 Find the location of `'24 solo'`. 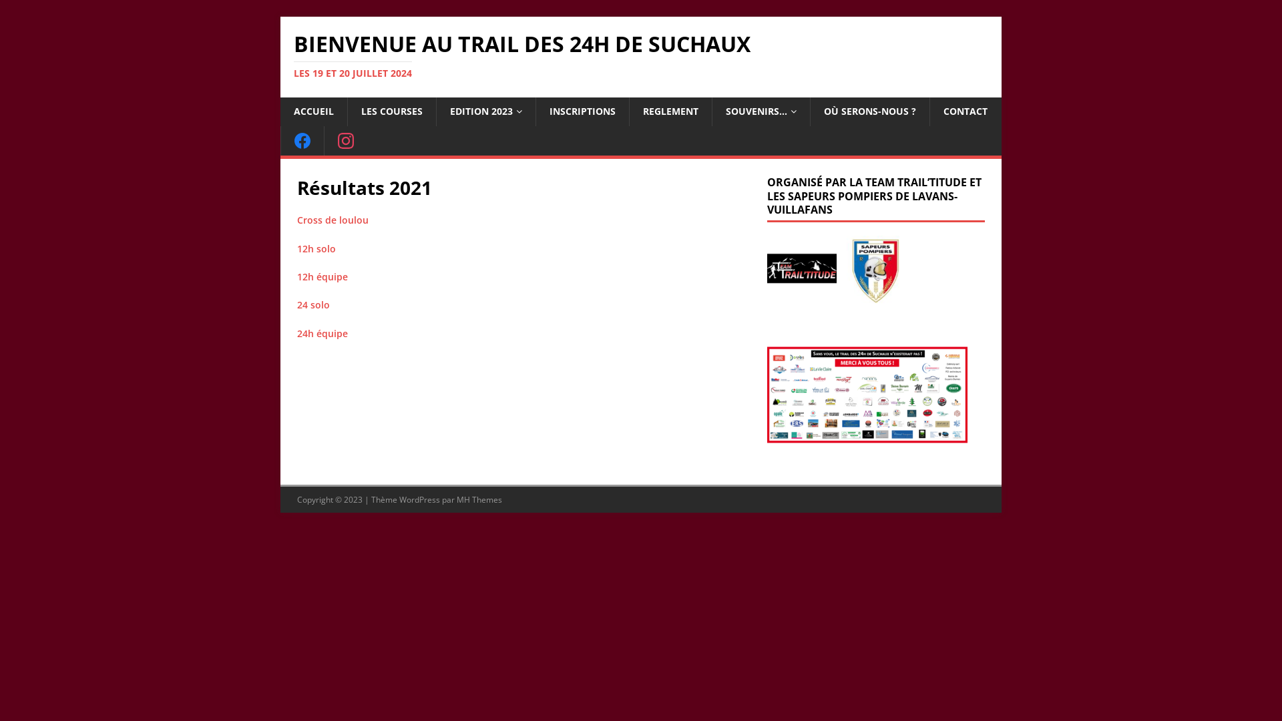

'24 solo' is located at coordinates (312, 304).